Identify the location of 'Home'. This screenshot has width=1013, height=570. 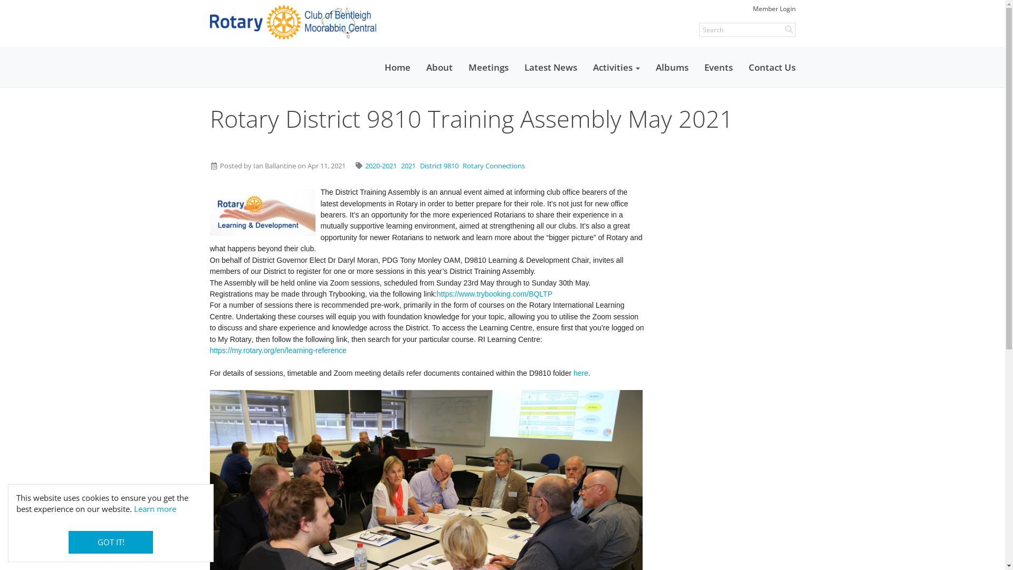
(377, 67).